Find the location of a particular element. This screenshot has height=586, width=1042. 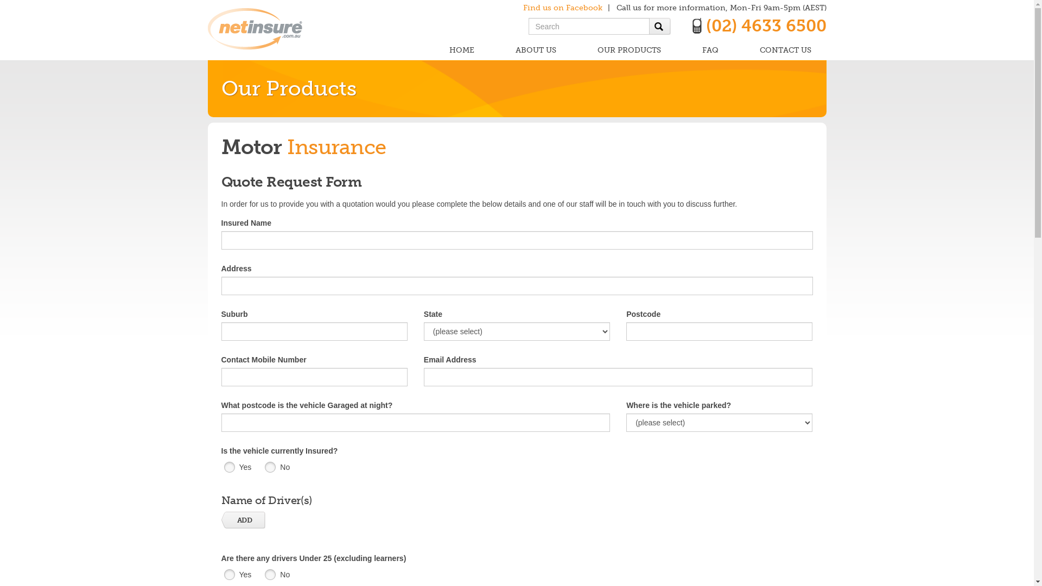

'ABOUT US' is located at coordinates (536, 50).